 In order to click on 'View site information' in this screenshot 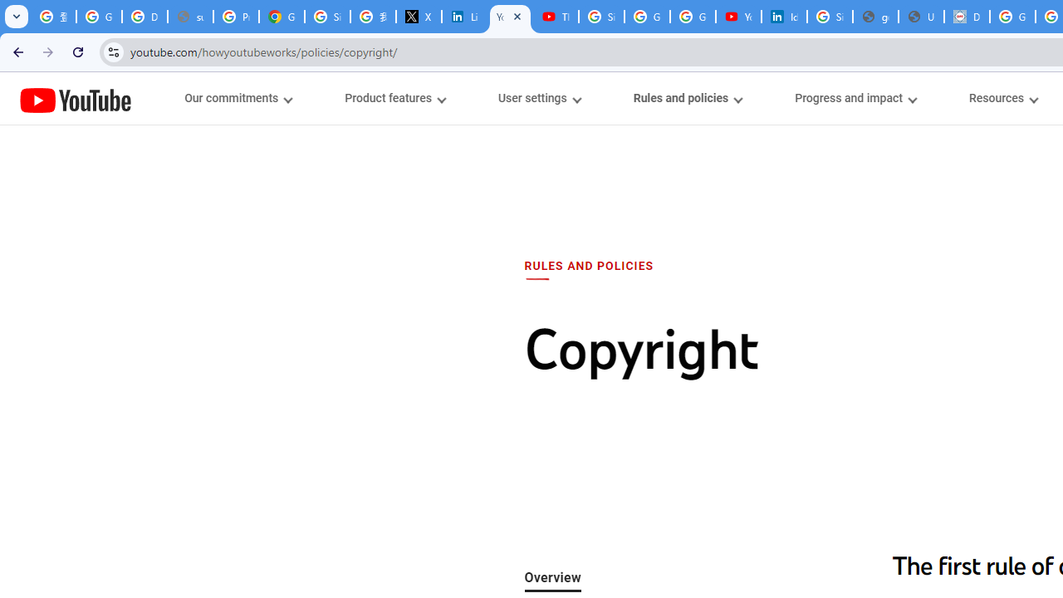, I will do `click(112, 51)`.